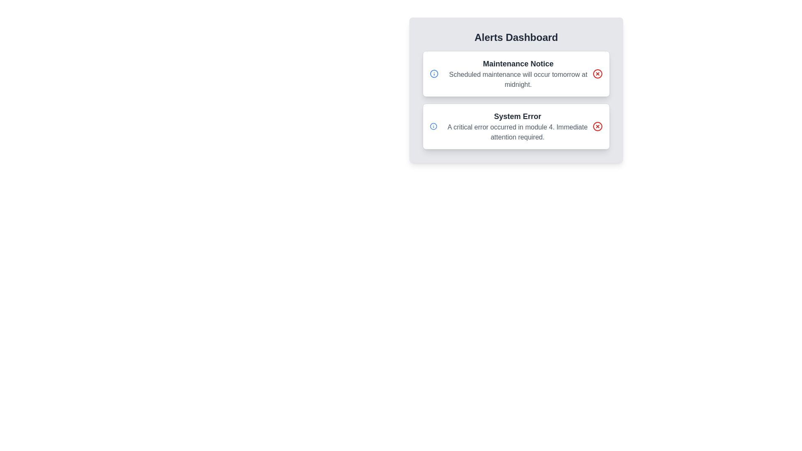 This screenshot has width=802, height=451. I want to click on the second line of text that describes scheduled maintenance events on the 'Alerts Dashboard' interface, which is located centrally in the uppermost card below the title 'Maintenance Notice', so click(518, 80).